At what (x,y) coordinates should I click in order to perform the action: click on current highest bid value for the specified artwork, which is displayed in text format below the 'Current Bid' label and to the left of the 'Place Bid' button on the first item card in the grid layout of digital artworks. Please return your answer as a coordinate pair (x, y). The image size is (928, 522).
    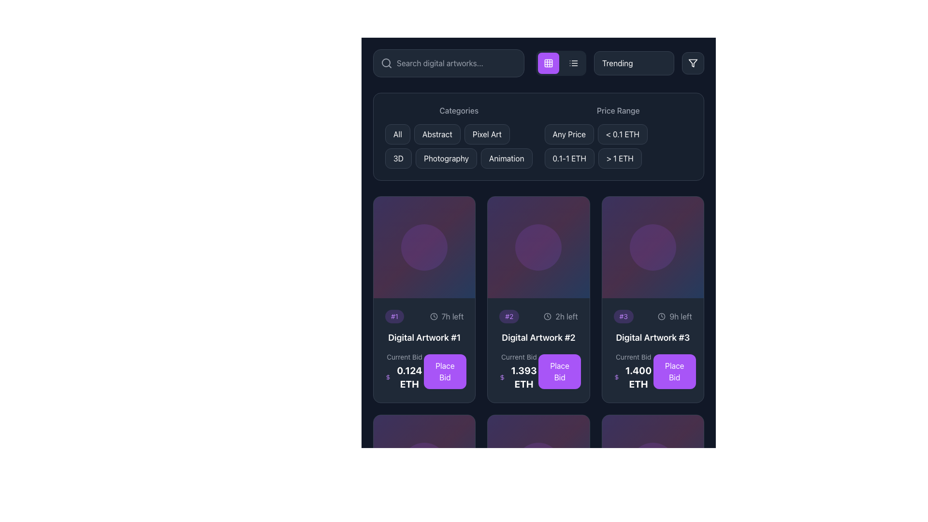
    Looking at the image, I should click on (405, 377).